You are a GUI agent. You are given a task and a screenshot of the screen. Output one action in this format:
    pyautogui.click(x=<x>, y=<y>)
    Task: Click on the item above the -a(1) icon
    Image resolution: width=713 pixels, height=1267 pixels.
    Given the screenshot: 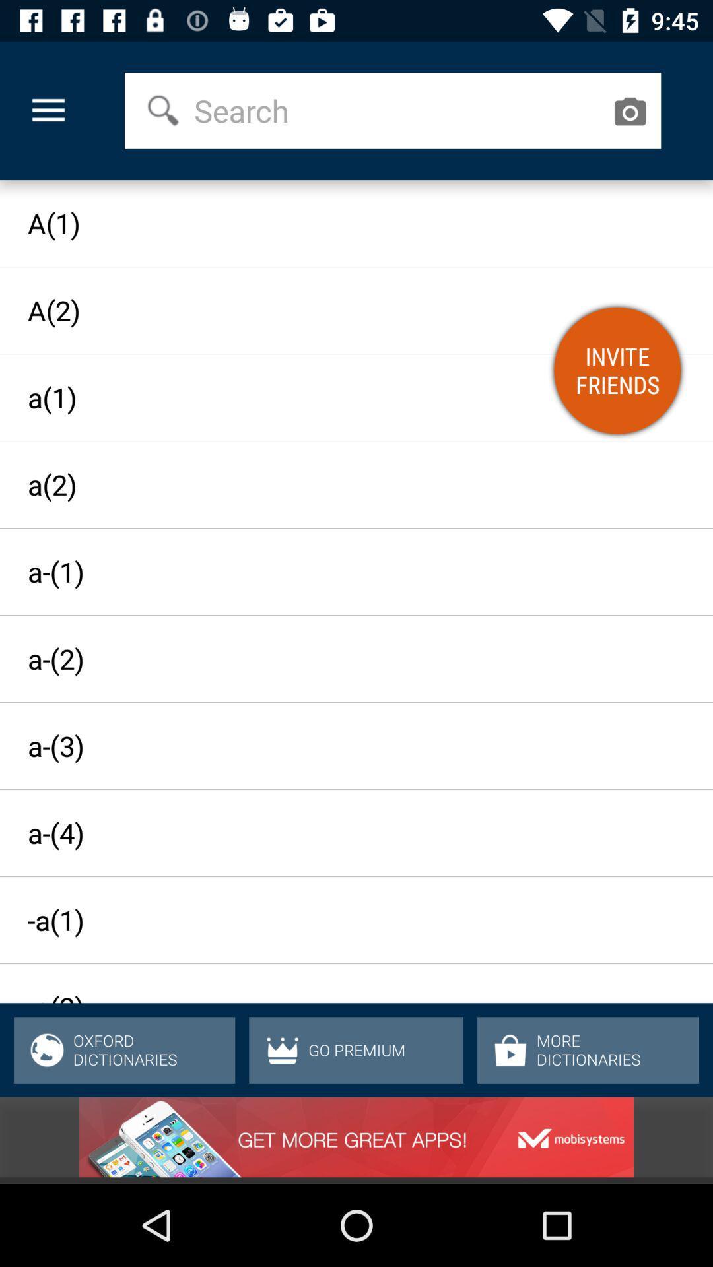 What is the action you would take?
    pyautogui.click(x=343, y=832)
    